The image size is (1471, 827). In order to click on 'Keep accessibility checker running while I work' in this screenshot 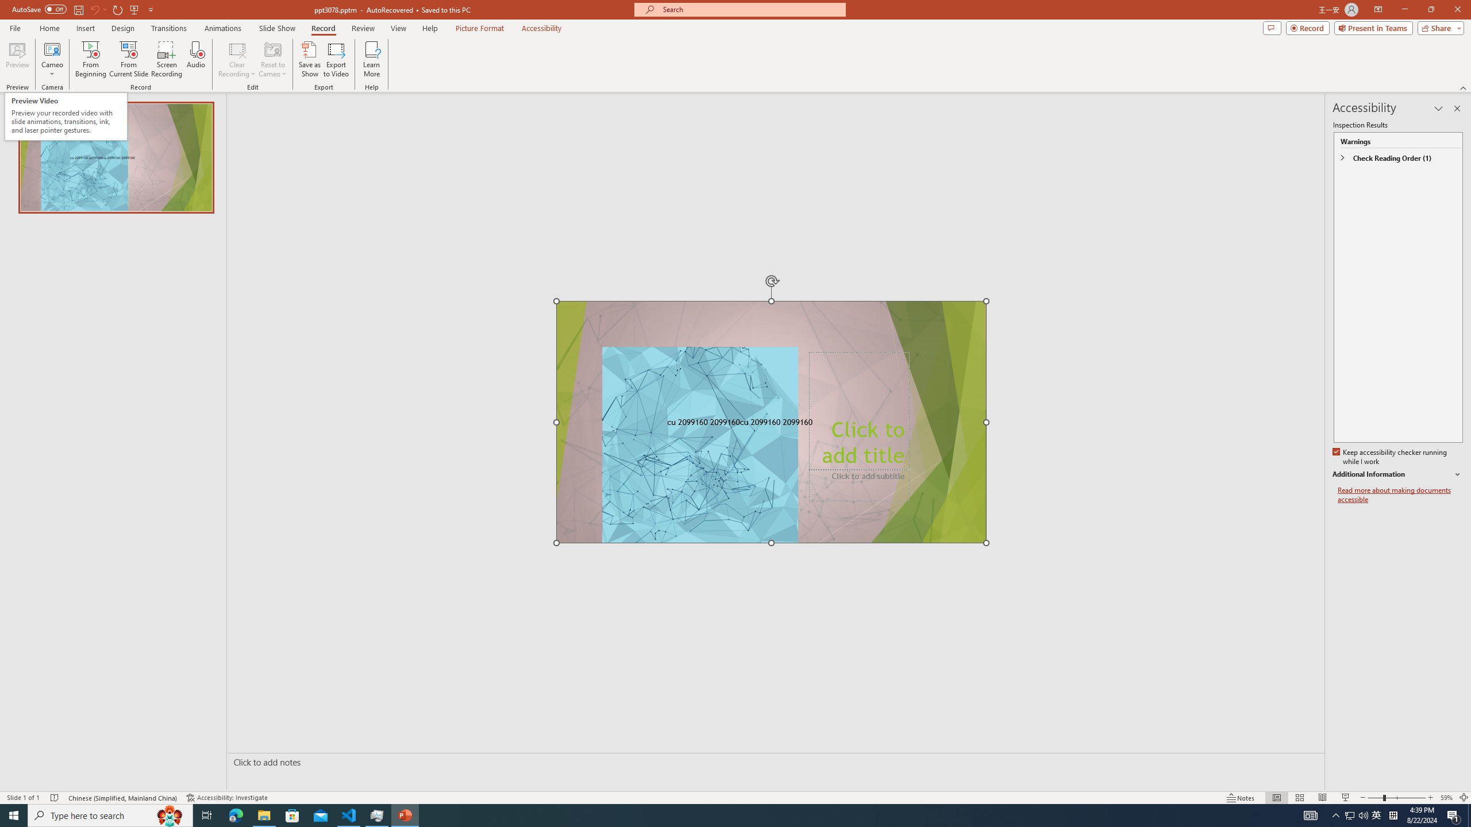, I will do `click(1391, 457)`.